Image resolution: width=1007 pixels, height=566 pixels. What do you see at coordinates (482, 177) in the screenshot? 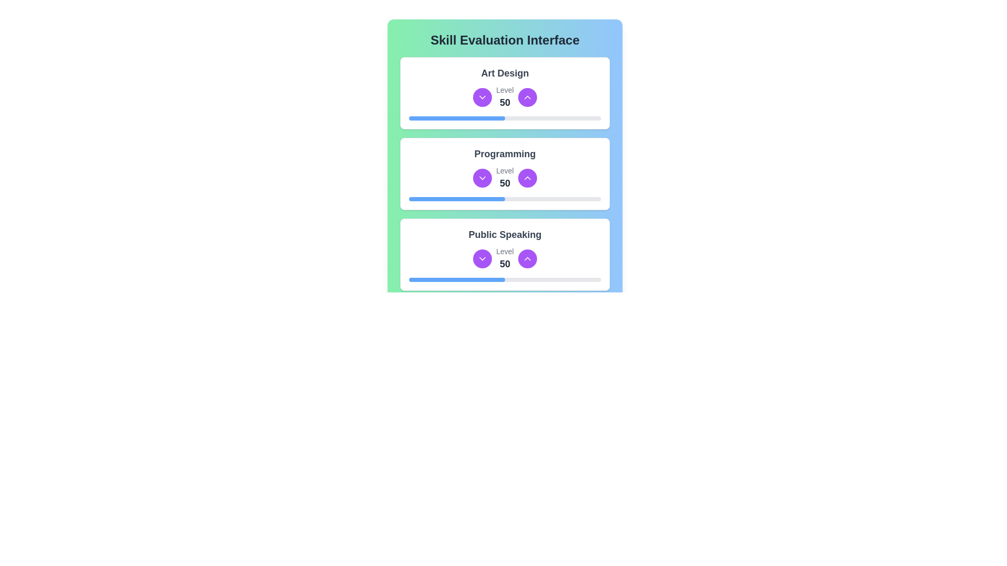
I see `the purple circular button with a white downward chevron located in the 'Programming' card, positioned left of 'Level 50' and above the progress bar` at bounding box center [482, 177].